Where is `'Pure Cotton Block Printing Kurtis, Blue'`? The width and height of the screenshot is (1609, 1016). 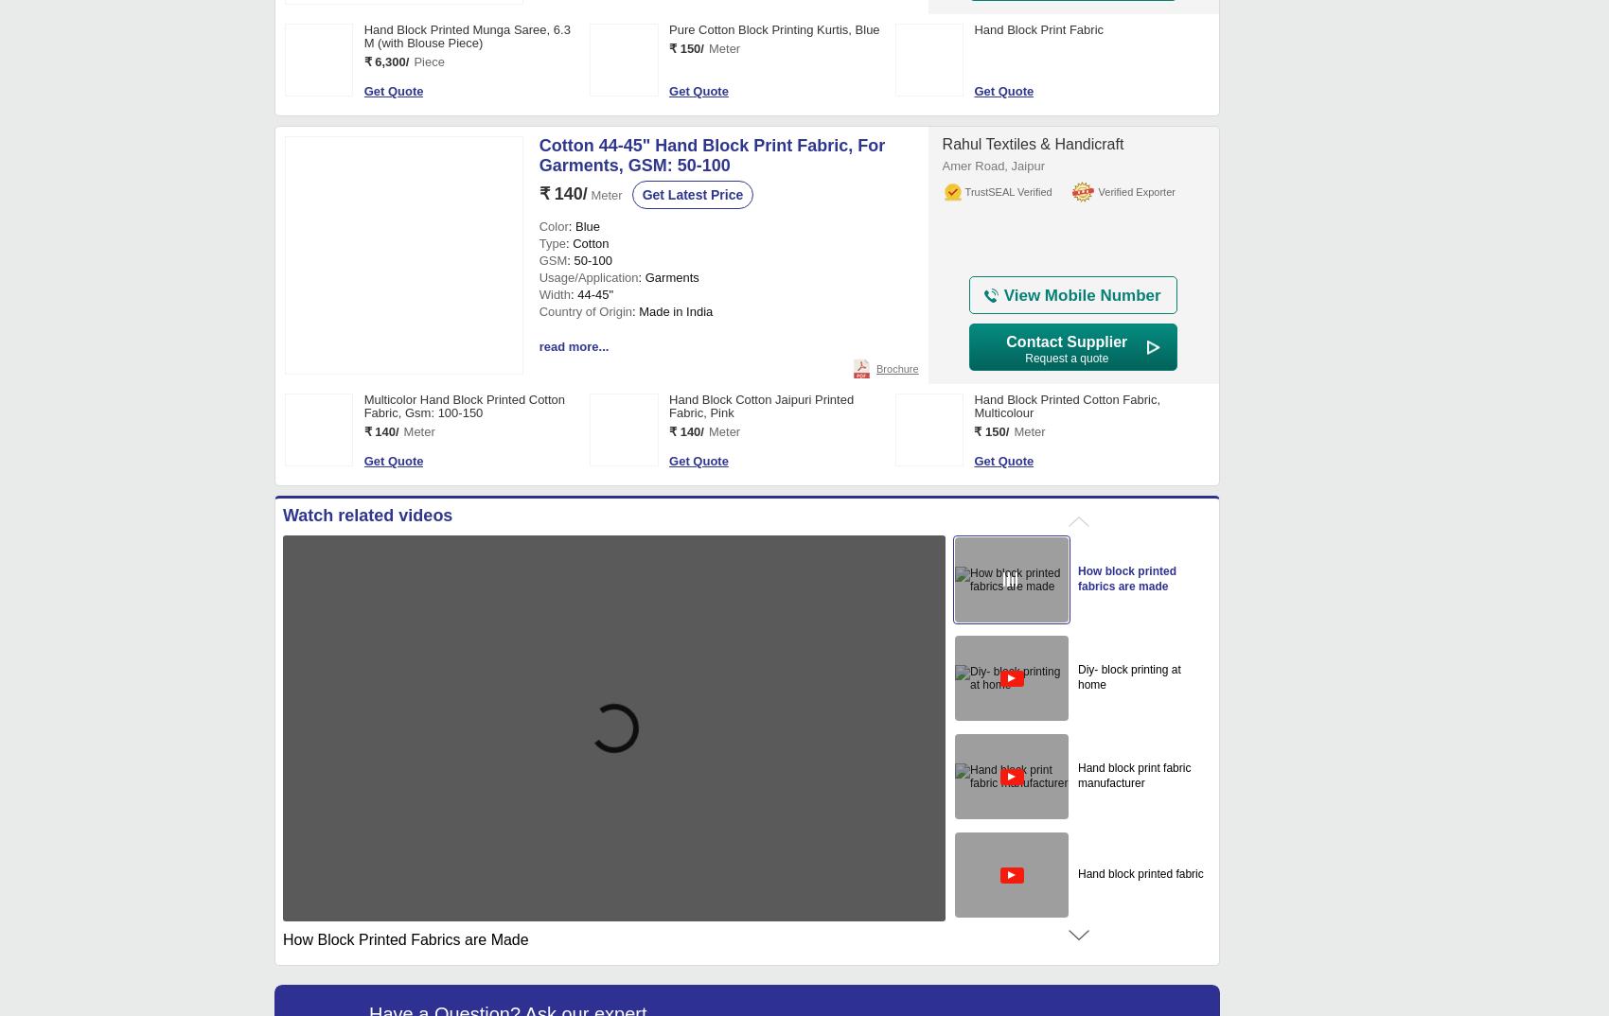
'Pure Cotton Block Printing Kurtis, Blue' is located at coordinates (773, 28).